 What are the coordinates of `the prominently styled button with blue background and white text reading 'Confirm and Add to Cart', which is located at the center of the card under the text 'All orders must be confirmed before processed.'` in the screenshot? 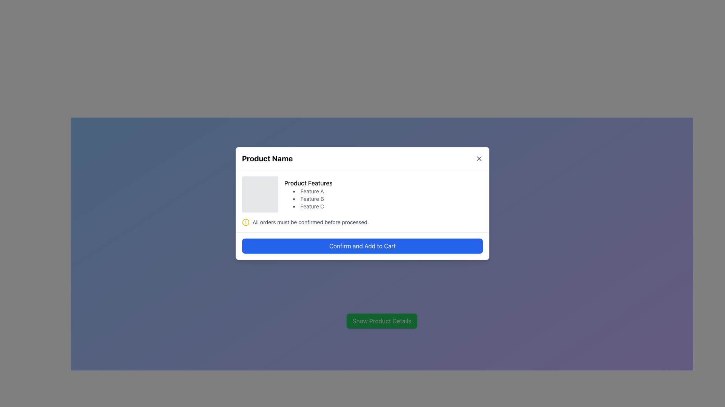 It's located at (362, 246).